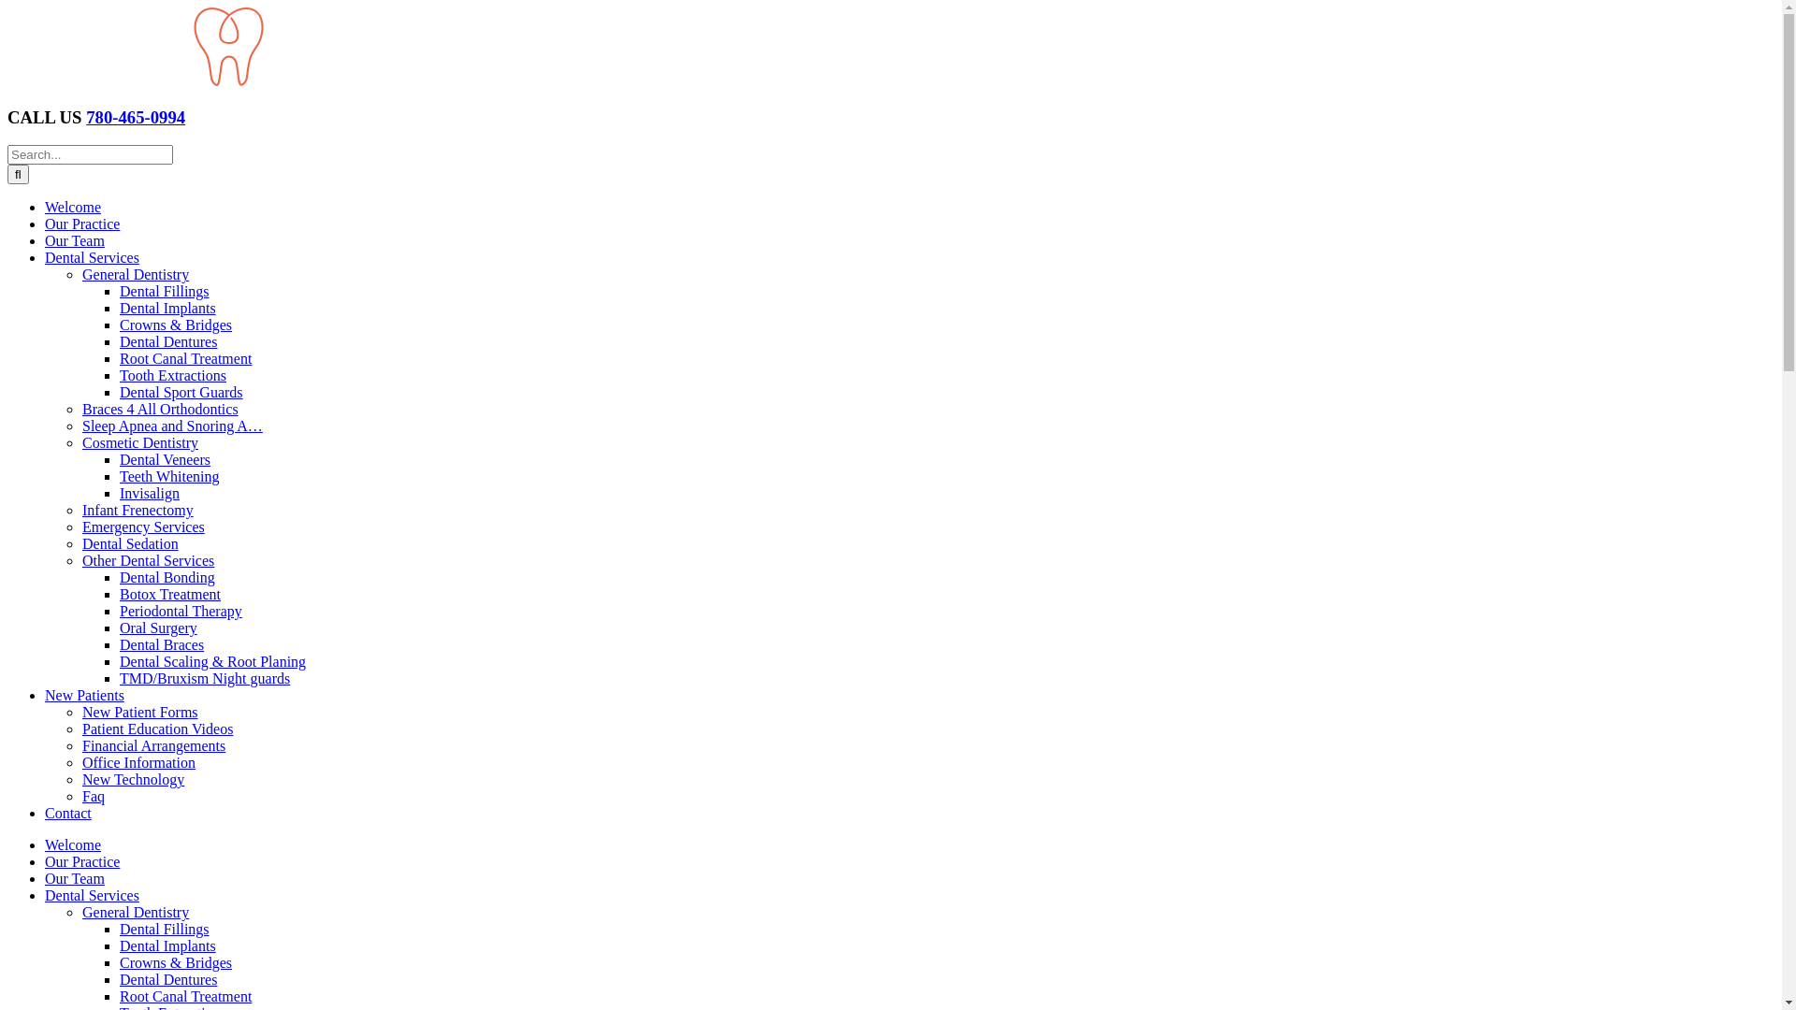  What do you see at coordinates (147, 559) in the screenshot?
I see `'Other Dental Services'` at bounding box center [147, 559].